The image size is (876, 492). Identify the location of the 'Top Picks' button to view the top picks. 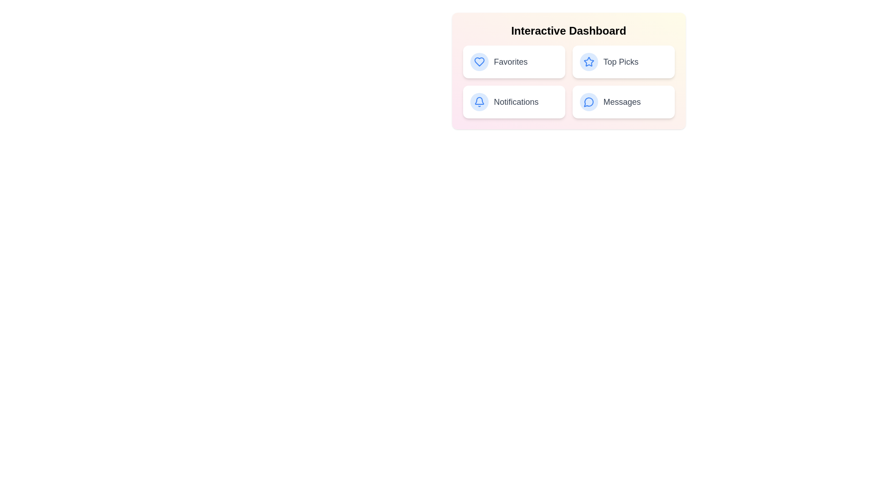
(623, 61).